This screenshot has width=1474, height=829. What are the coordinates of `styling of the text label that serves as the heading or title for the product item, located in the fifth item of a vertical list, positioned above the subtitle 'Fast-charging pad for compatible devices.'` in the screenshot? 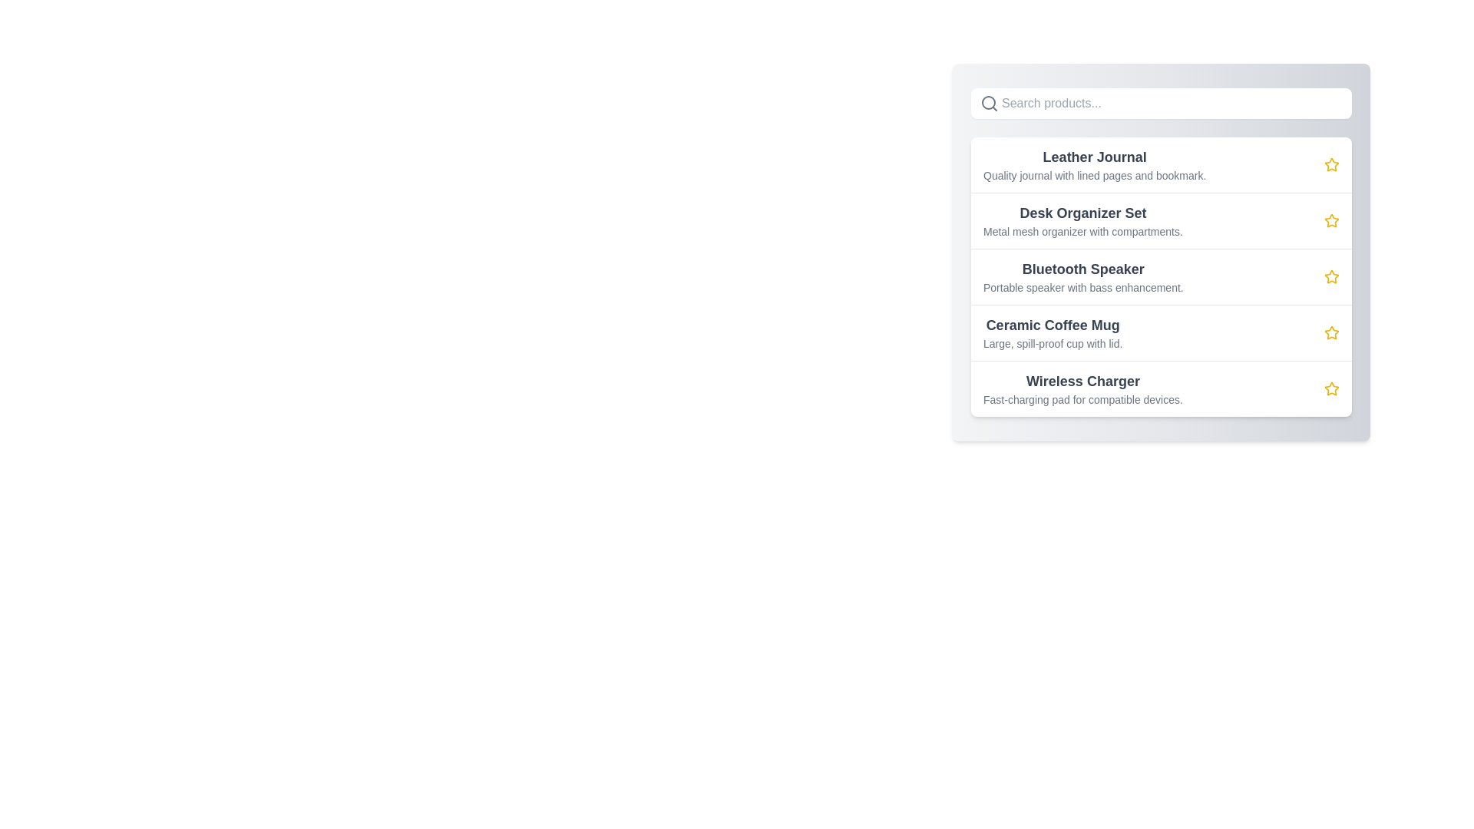 It's located at (1082, 381).